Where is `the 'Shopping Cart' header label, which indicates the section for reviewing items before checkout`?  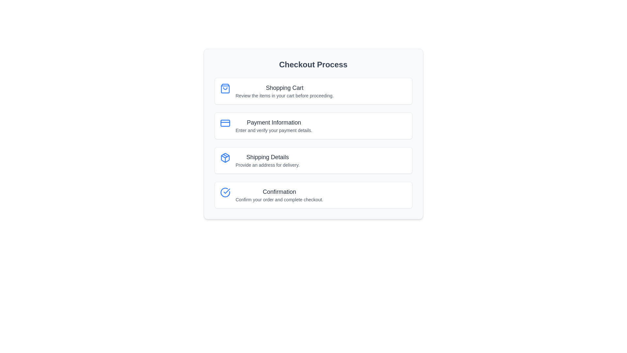 the 'Shopping Cart' header label, which indicates the section for reviewing items before checkout is located at coordinates (284, 88).